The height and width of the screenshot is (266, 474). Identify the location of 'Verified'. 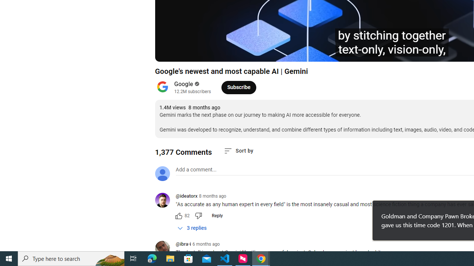
(196, 83).